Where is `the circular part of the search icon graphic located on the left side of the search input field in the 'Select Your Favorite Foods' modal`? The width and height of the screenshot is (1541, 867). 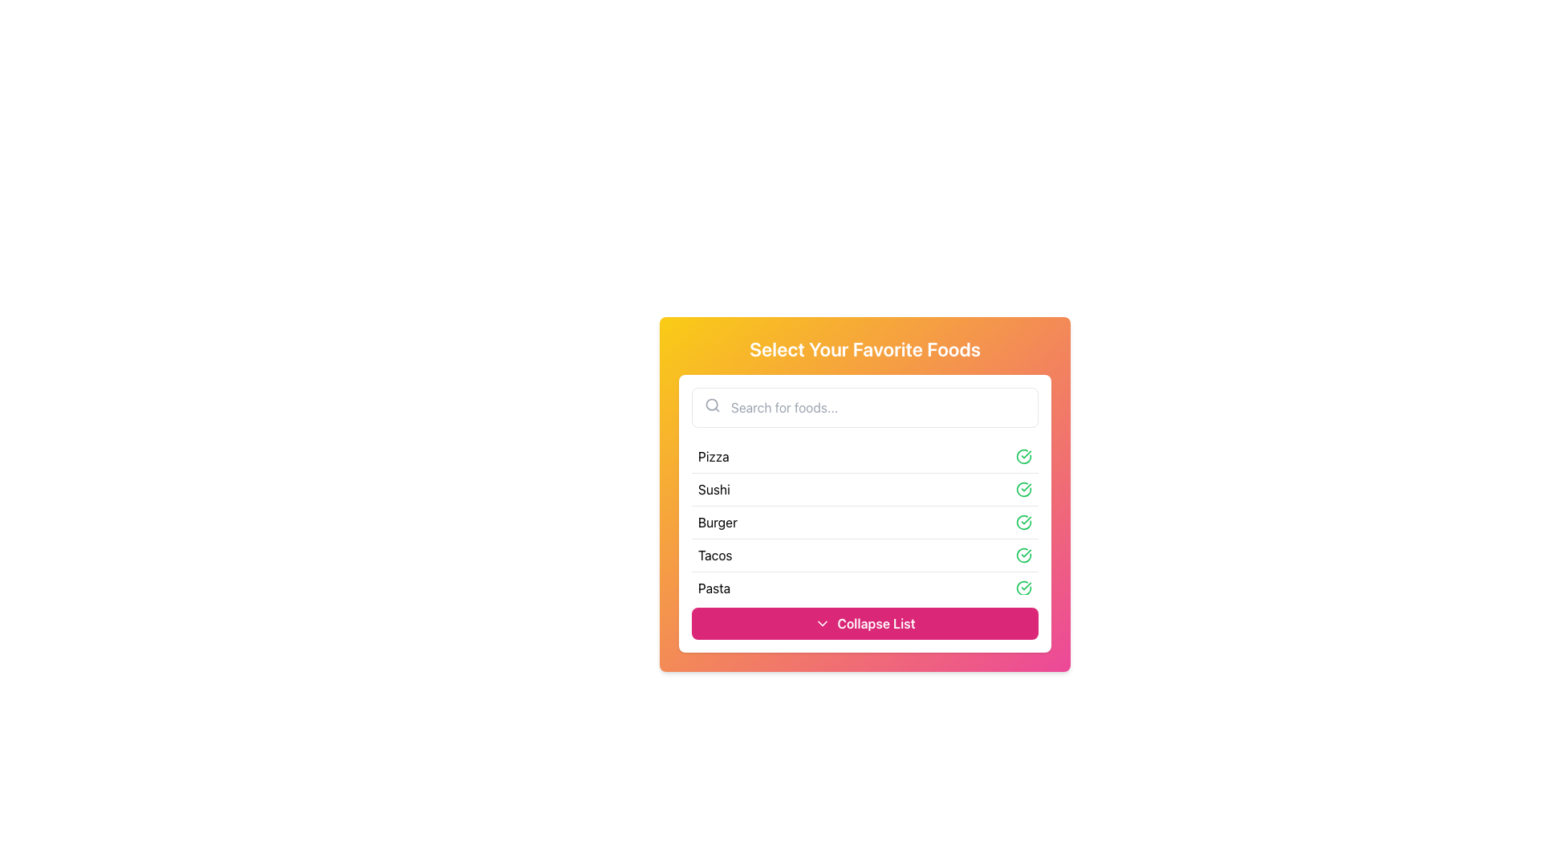
the circular part of the search icon graphic located on the left side of the search input field in the 'Select Your Favorite Foods' modal is located at coordinates (711, 404).